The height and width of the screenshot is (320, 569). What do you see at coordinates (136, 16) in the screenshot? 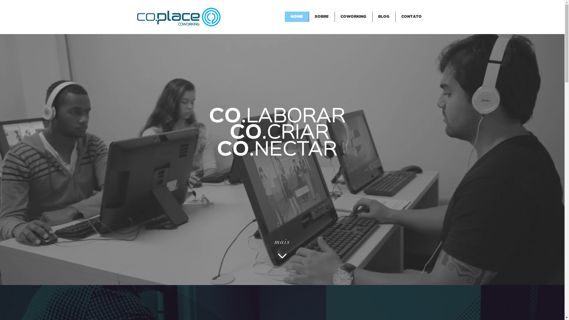
I see `'marca.png'` at bounding box center [136, 16].